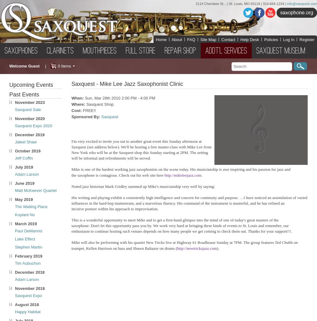  What do you see at coordinates (301, 3) in the screenshot?
I see `'info@saxquest.com'` at bounding box center [301, 3].